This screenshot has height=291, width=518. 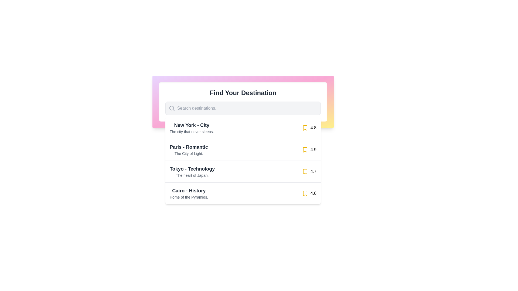 I want to click on the yellow bookmark icon with the text '4.8' that is located at the far-right side of the 'New York - City' entry in the list component, so click(x=309, y=128).